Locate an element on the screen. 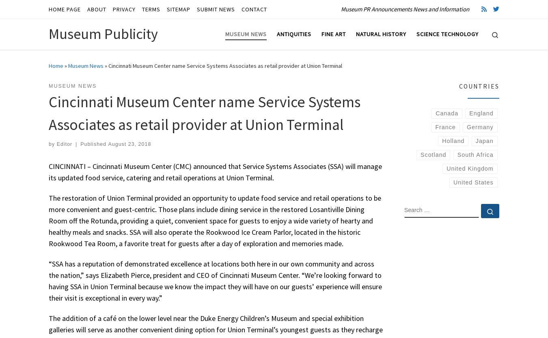 This screenshot has height=338, width=548. 'PRIVACY' is located at coordinates (112, 9).